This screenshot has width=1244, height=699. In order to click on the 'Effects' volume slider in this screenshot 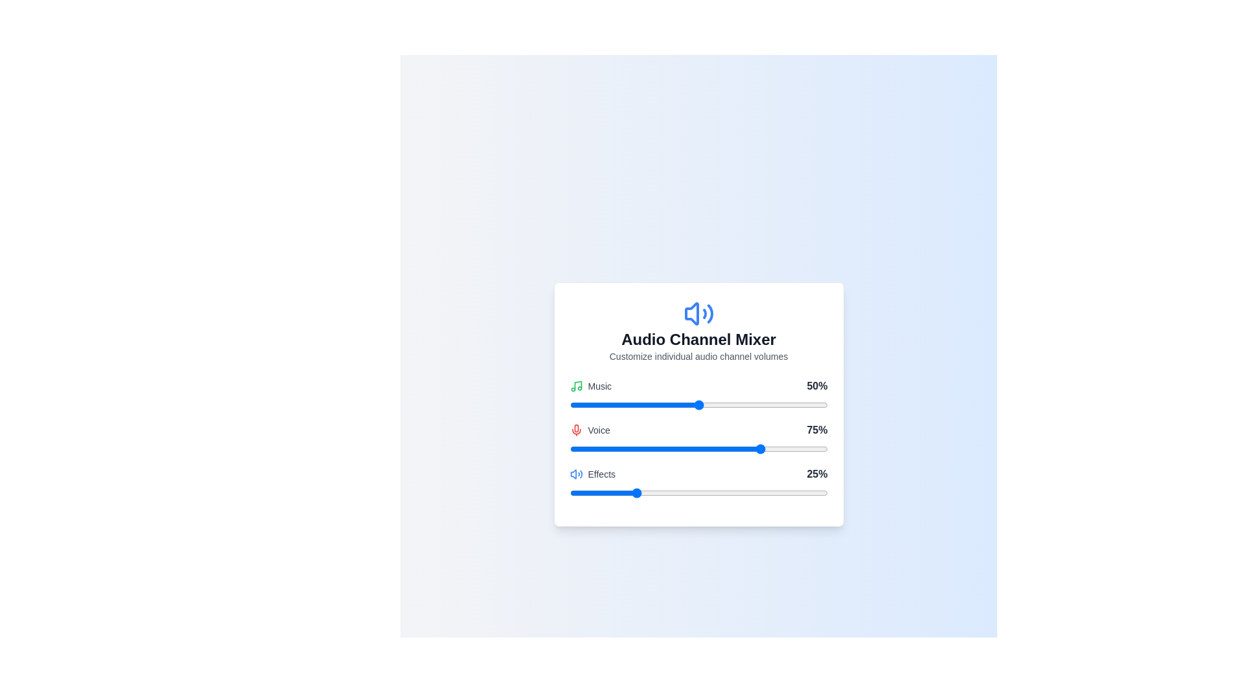, I will do `click(577, 493)`.